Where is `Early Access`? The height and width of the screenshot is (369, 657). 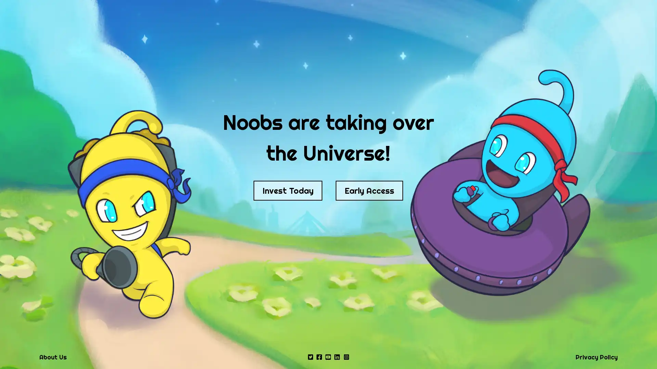
Early Access is located at coordinates (369, 191).